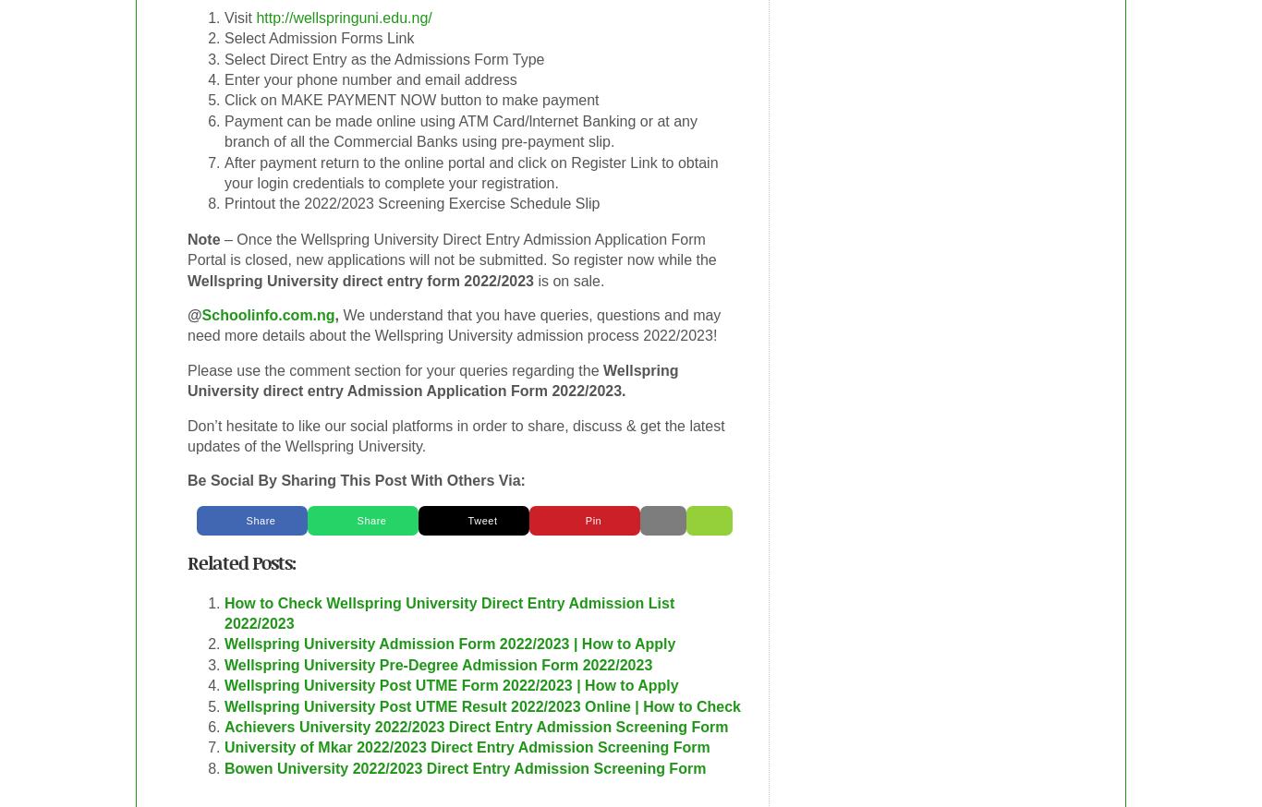  Describe the element at coordinates (224, 747) in the screenshot. I see `'University of Mkar 2022/2023 Direct Entry Admission Screening Form'` at that location.